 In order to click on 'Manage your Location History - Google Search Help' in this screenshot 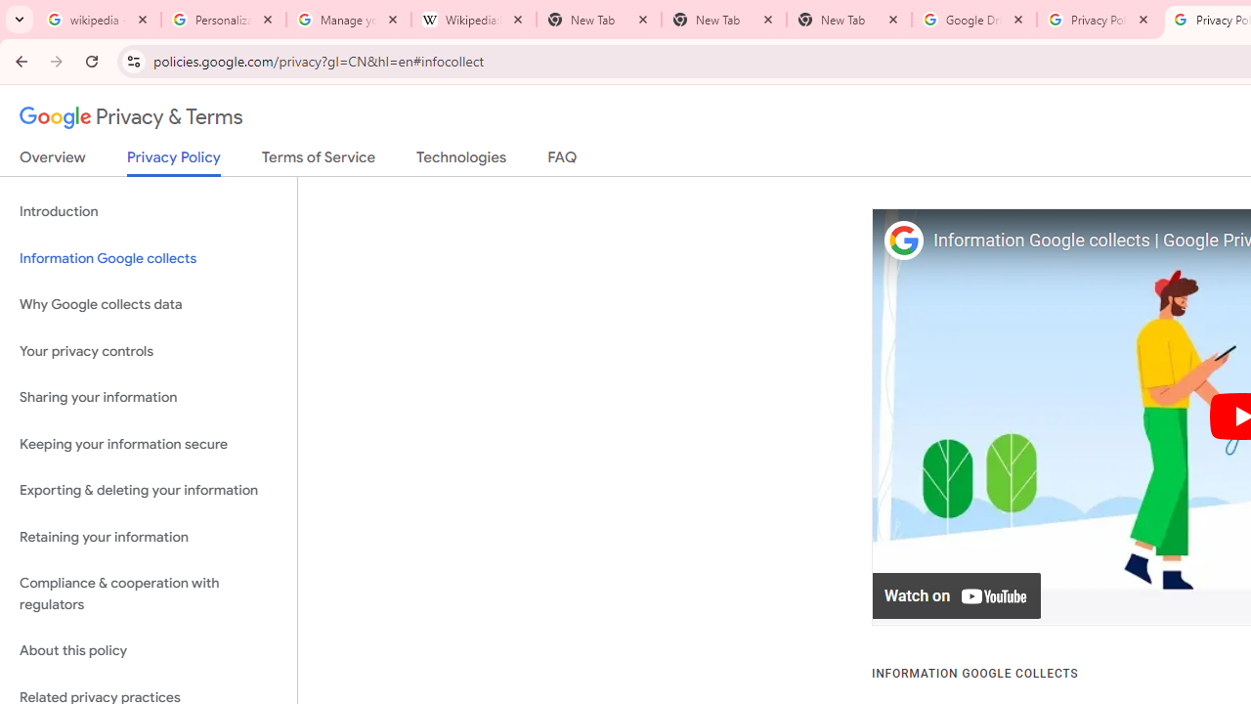, I will do `click(349, 20)`.